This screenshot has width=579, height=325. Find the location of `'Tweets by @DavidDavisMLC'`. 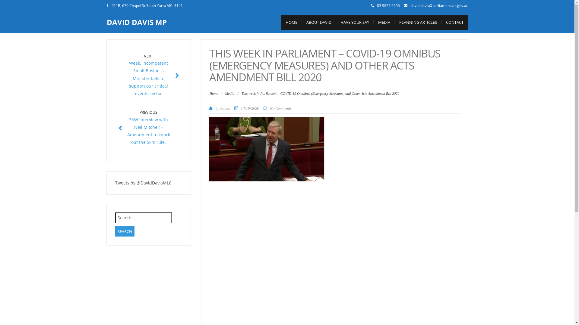

'Tweets by @DavidDavisMLC' is located at coordinates (115, 182).